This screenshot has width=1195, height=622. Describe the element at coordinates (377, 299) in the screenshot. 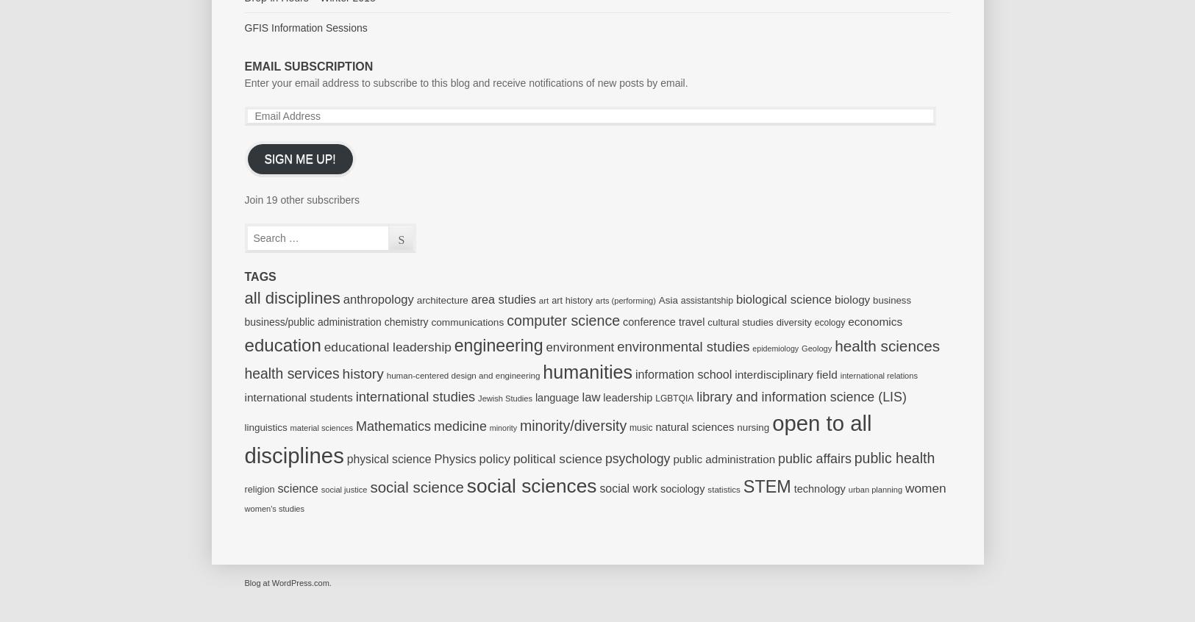

I see `'anthropology'` at that location.